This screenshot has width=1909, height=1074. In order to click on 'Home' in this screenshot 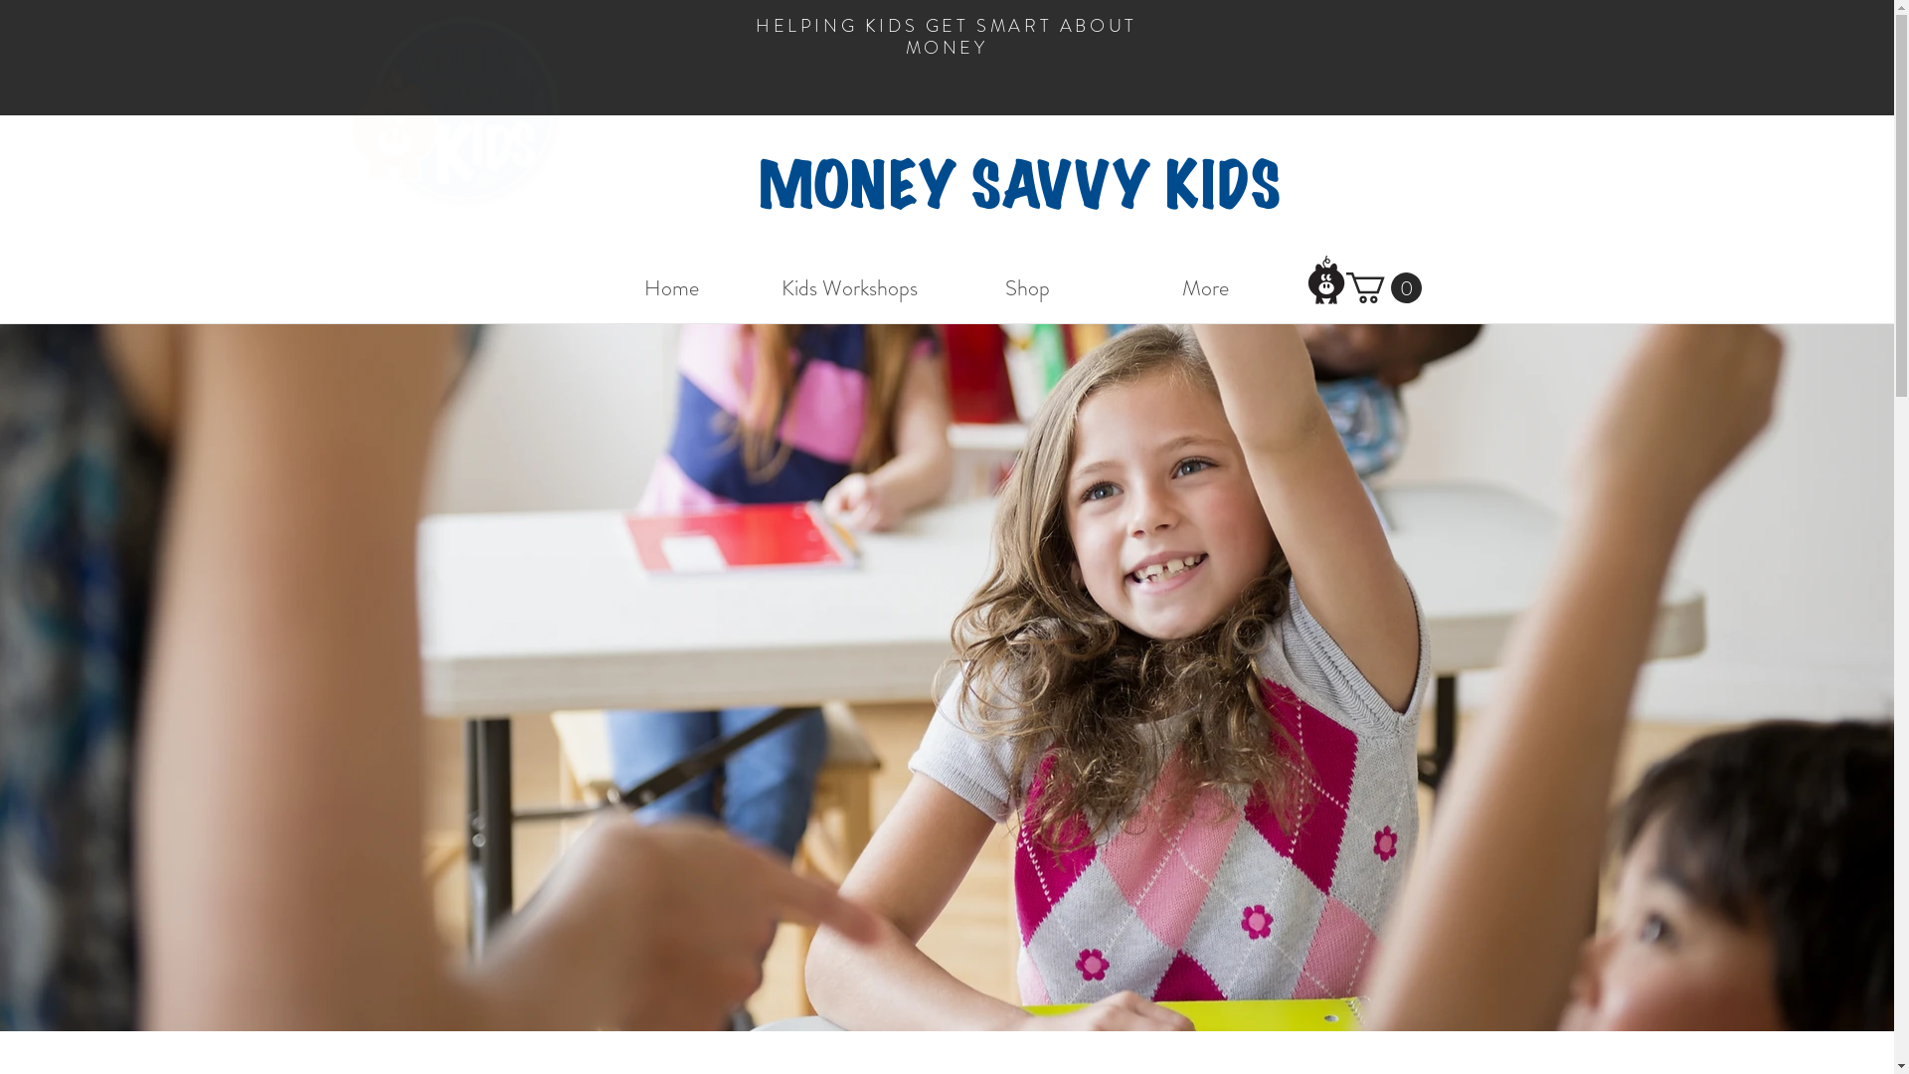, I will do `click(581, 287)`.